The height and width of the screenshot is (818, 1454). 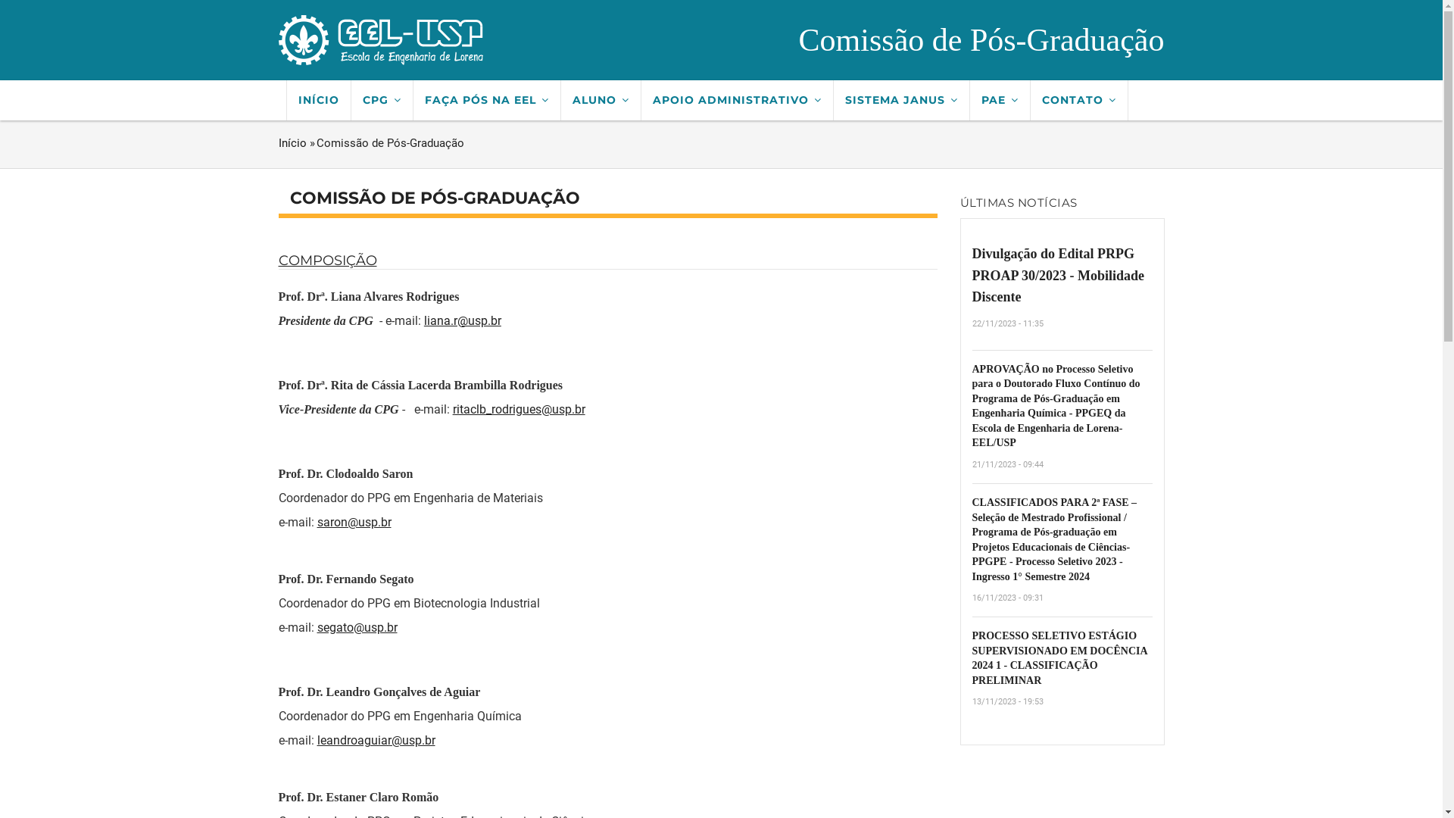 What do you see at coordinates (375, 739) in the screenshot?
I see `'leandroaguiar@usp.br'` at bounding box center [375, 739].